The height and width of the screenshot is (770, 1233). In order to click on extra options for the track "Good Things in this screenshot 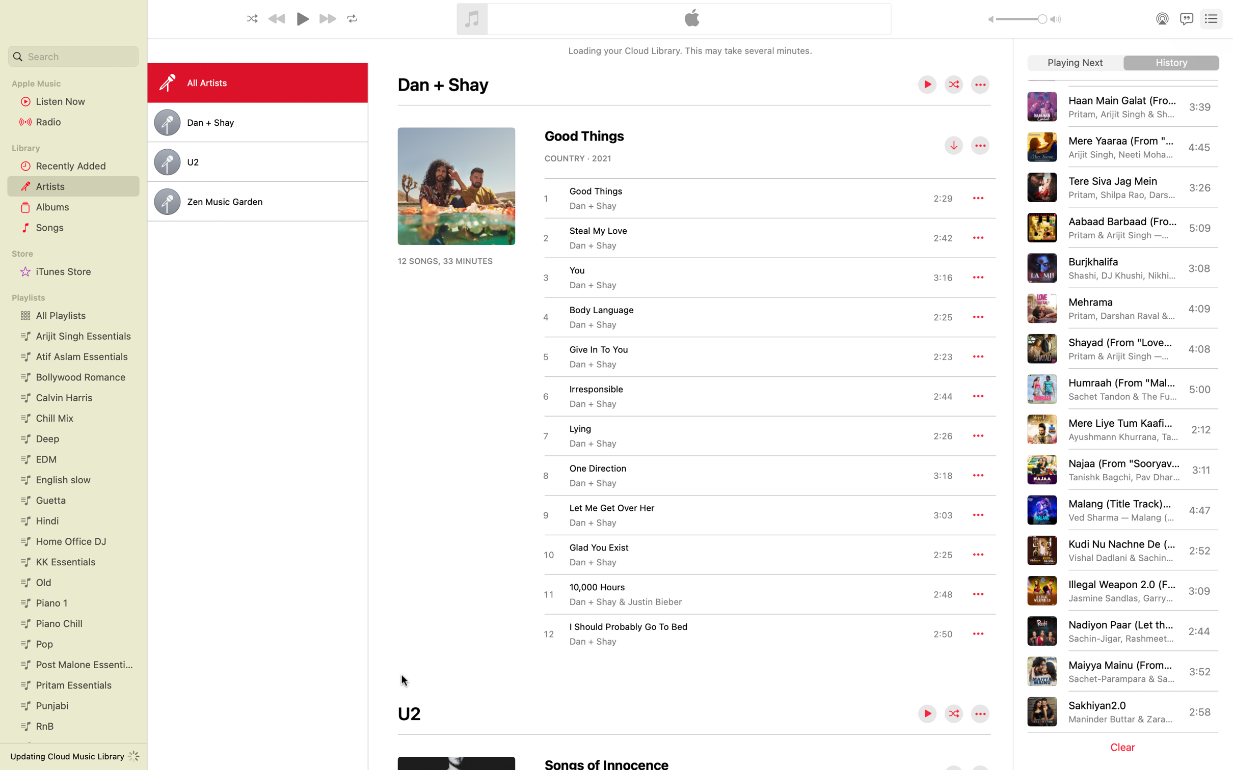, I will do `click(978, 197)`.